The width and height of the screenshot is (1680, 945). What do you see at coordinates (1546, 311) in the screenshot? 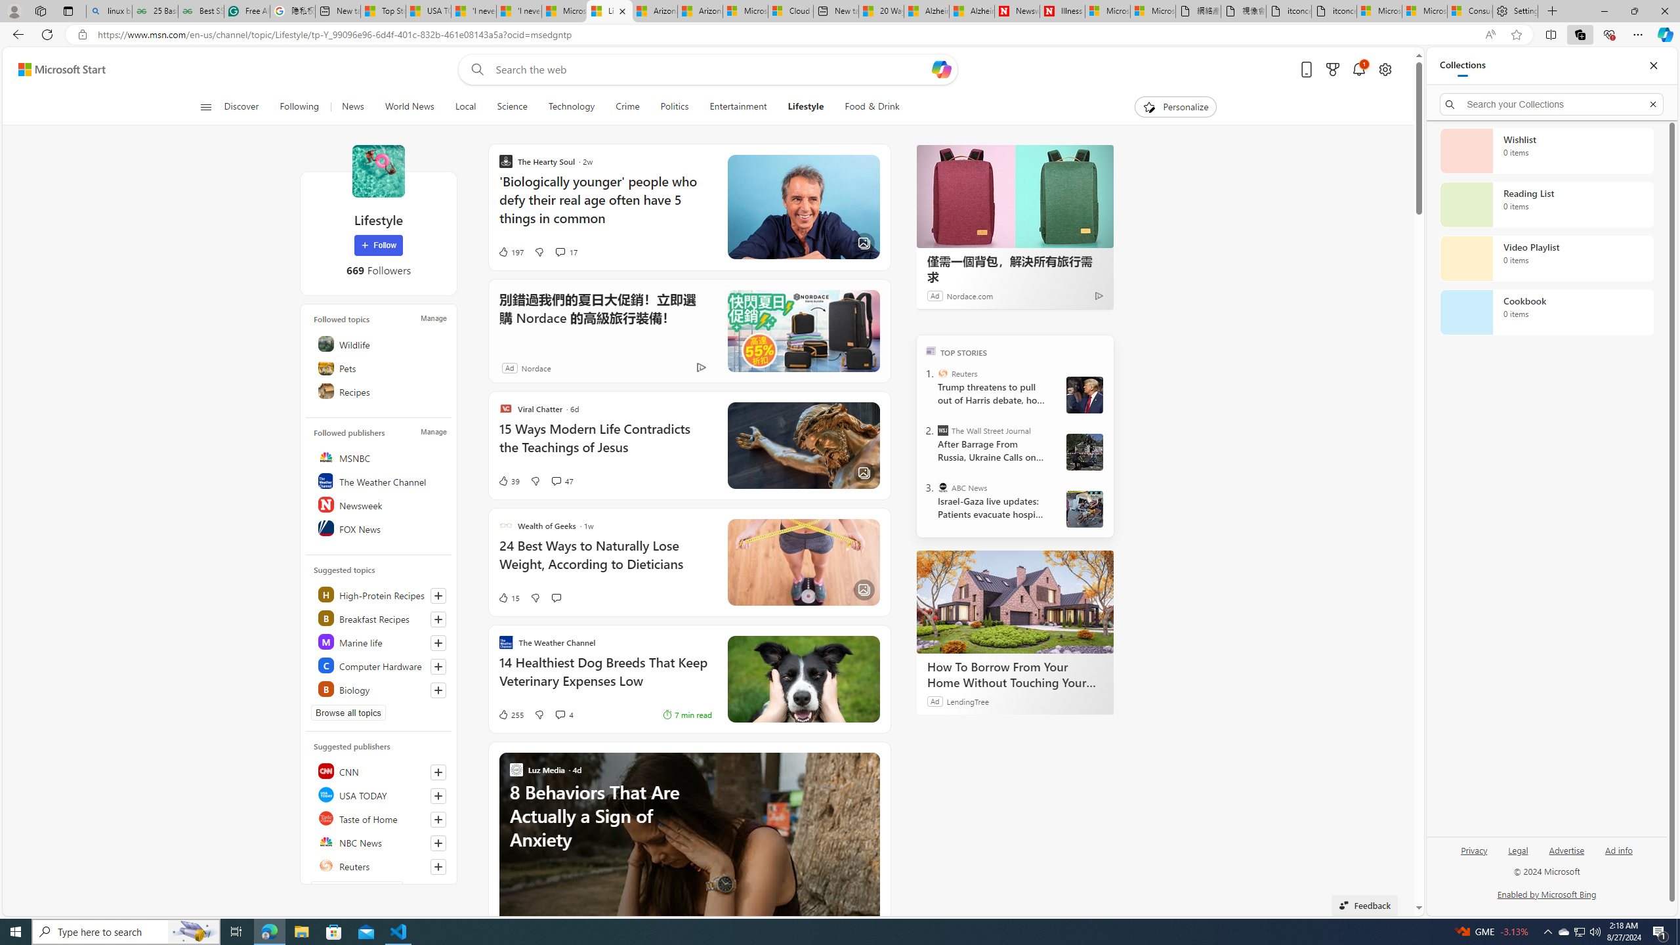
I see `'Cookbook collection, 0 items'` at bounding box center [1546, 311].